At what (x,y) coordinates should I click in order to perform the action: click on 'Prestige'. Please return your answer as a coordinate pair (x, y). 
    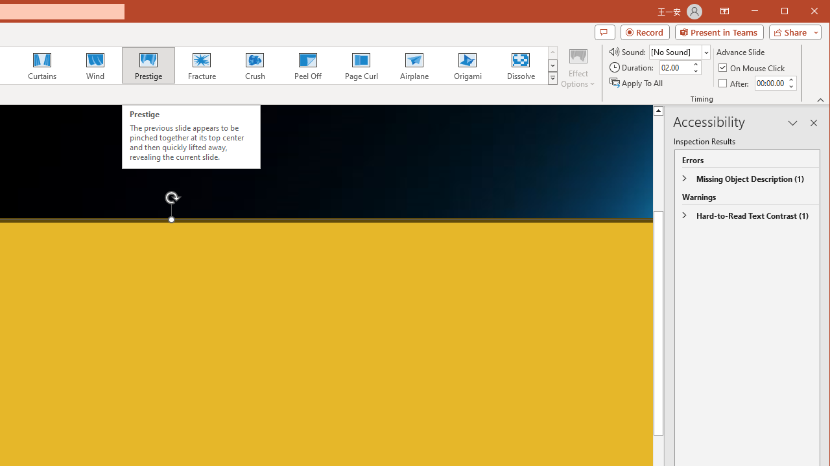
    Looking at the image, I should click on (148, 65).